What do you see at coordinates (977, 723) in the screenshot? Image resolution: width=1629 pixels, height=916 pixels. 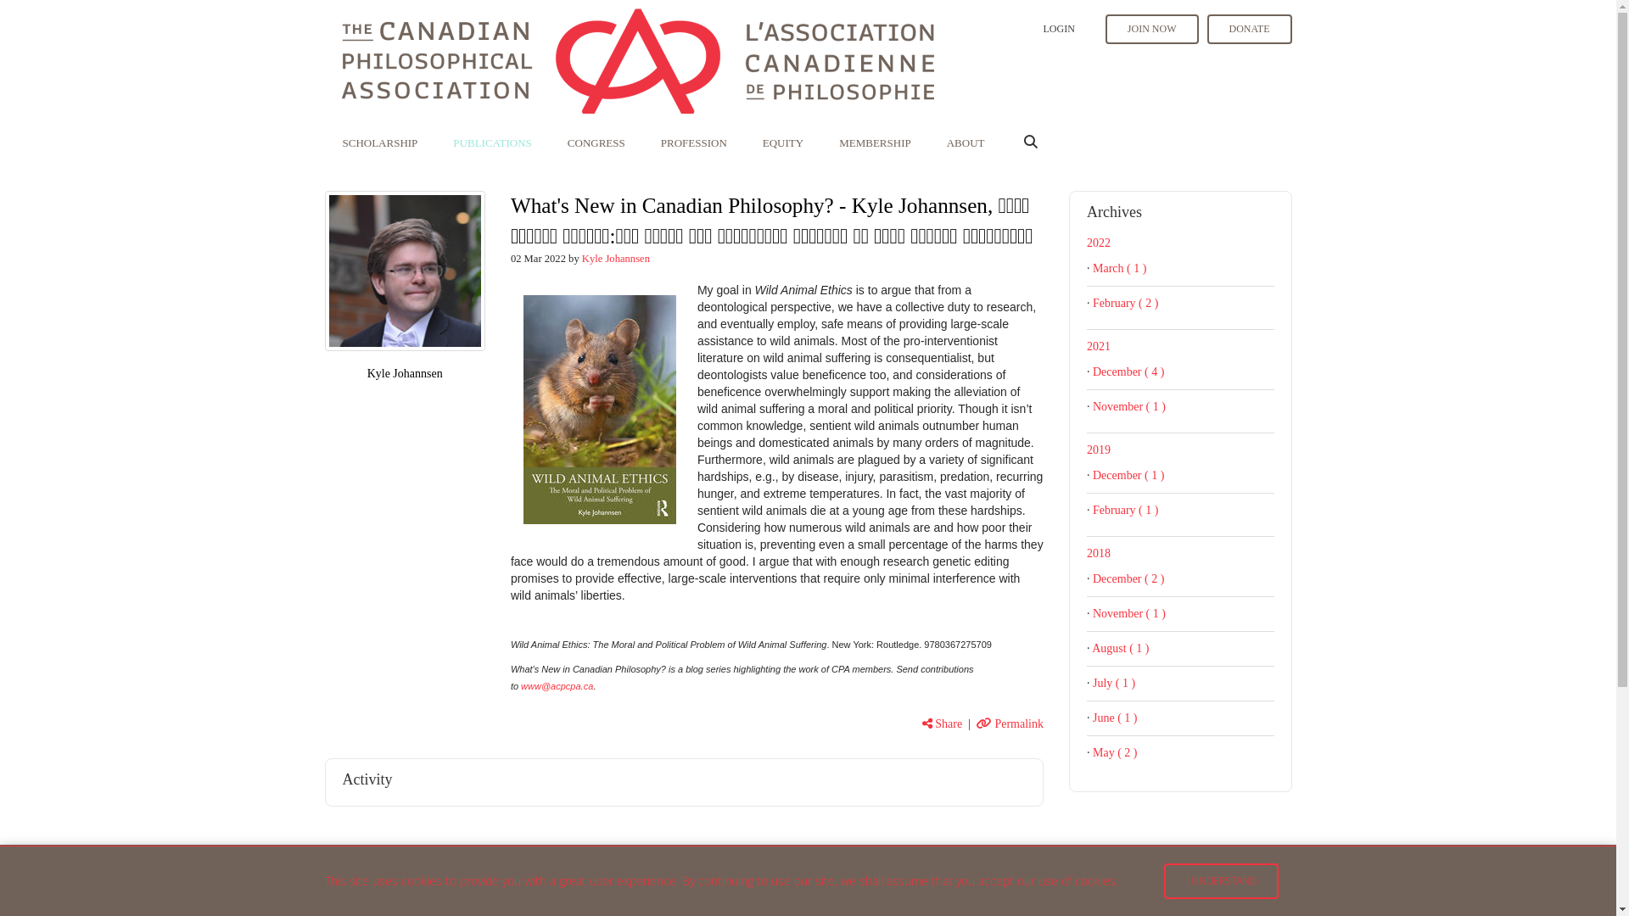 I see `'Permalink'` at bounding box center [977, 723].